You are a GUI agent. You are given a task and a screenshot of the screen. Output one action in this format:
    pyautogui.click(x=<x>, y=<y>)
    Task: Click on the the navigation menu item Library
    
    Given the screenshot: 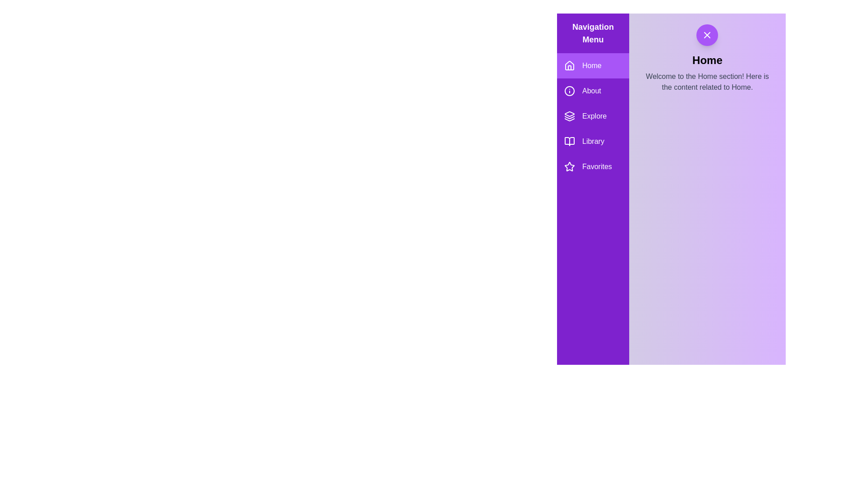 What is the action you would take?
    pyautogui.click(x=593, y=141)
    